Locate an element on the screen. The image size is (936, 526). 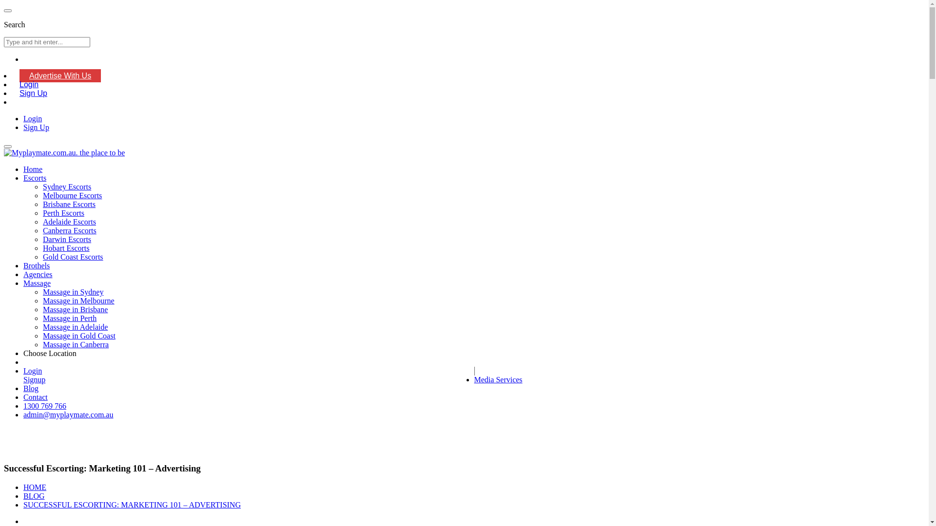
'Gold Coast Escorts' is located at coordinates (72, 256).